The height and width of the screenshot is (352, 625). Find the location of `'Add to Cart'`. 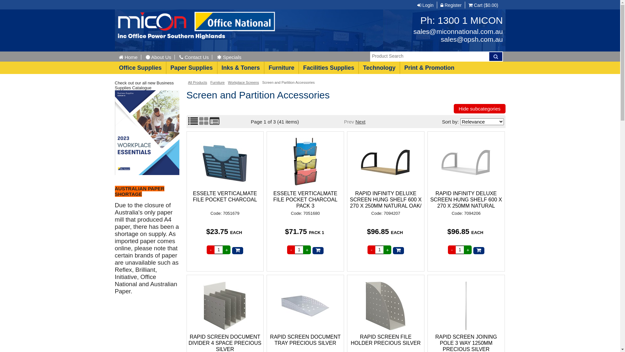

'Add to Cart' is located at coordinates (479, 250).